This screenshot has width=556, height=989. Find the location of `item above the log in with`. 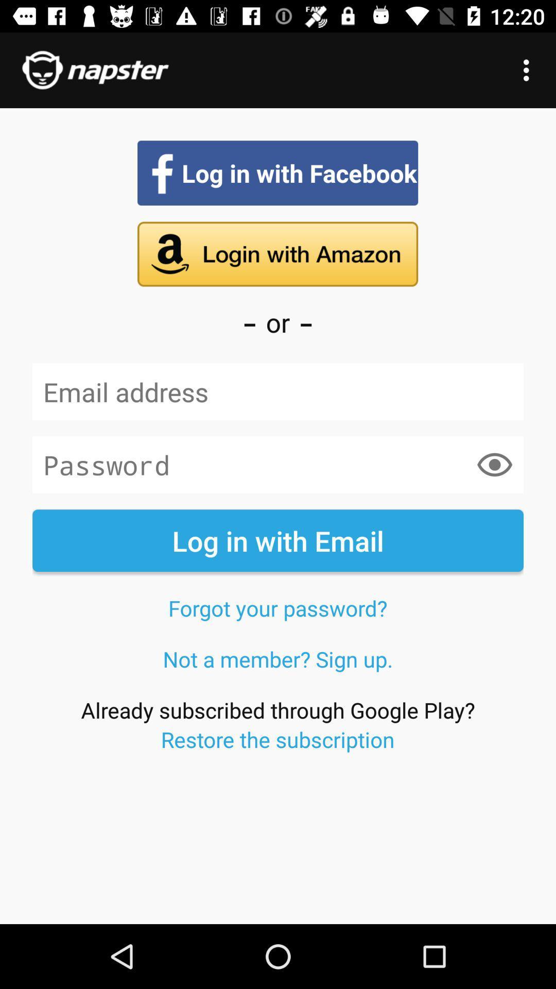

item above the log in with is located at coordinates (494, 464).